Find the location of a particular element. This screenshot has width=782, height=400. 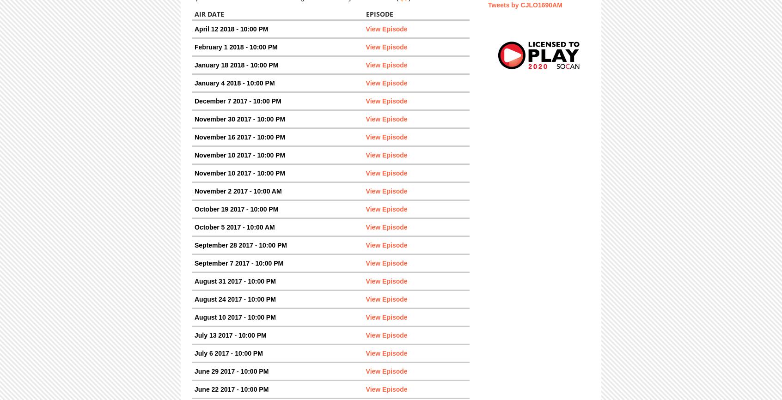

'February 1 2018 - 10:00 PM' is located at coordinates (194, 46).